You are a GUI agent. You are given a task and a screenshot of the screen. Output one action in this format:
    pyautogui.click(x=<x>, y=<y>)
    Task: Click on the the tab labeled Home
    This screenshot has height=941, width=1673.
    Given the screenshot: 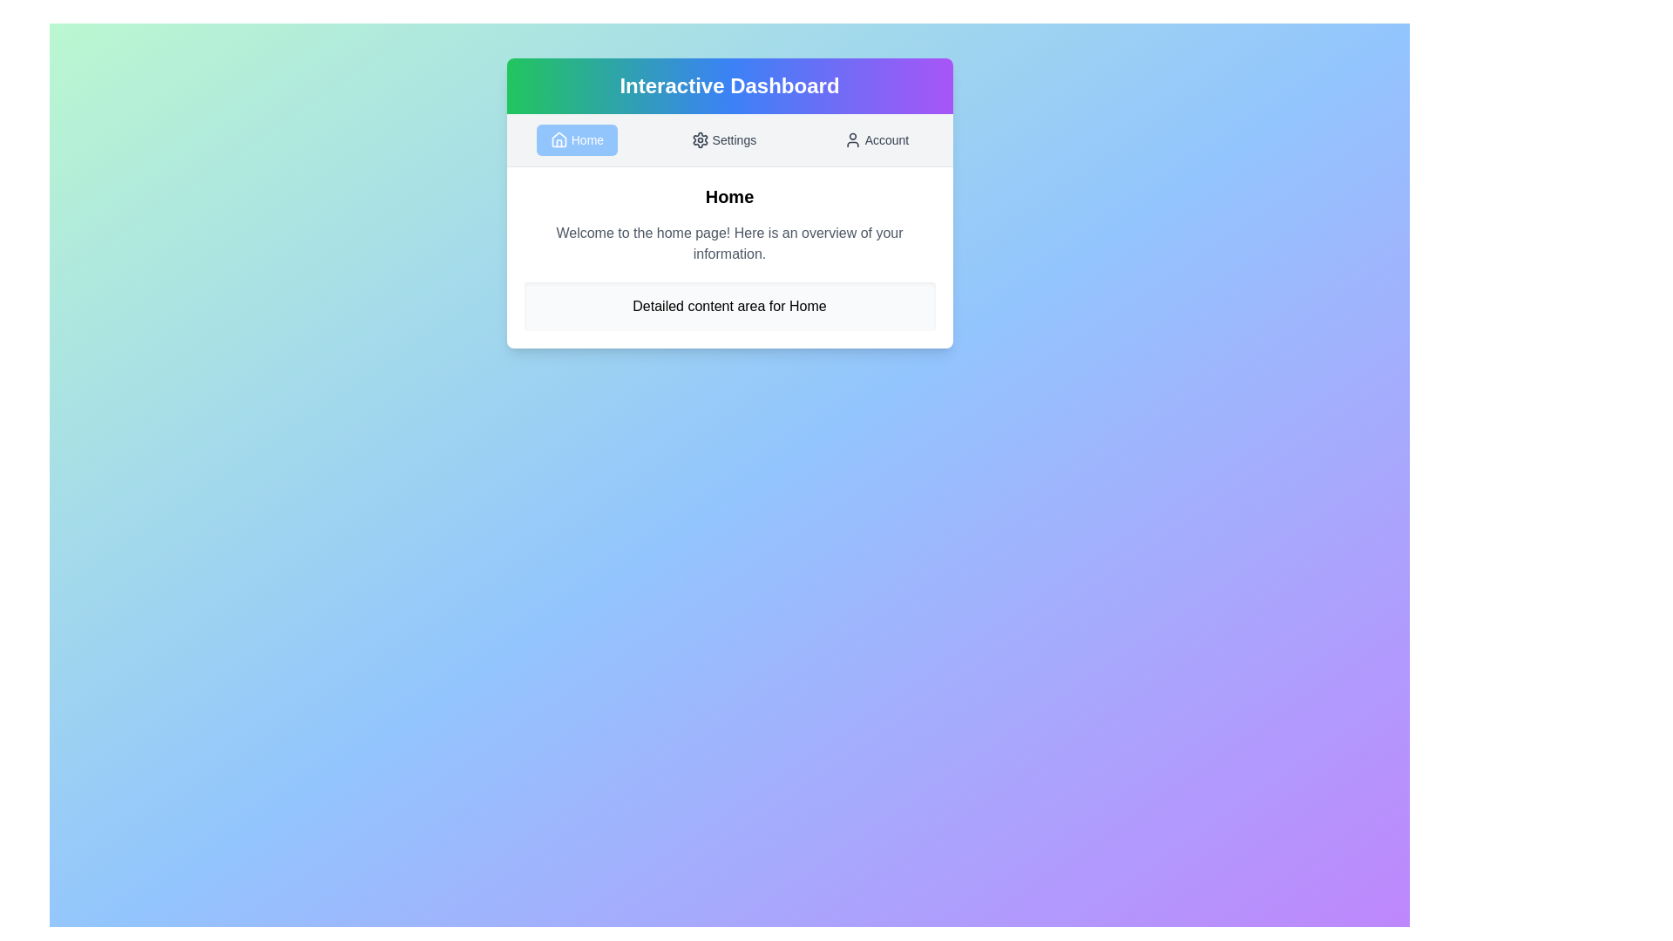 What is the action you would take?
    pyautogui.click(x=577, y=139)
    